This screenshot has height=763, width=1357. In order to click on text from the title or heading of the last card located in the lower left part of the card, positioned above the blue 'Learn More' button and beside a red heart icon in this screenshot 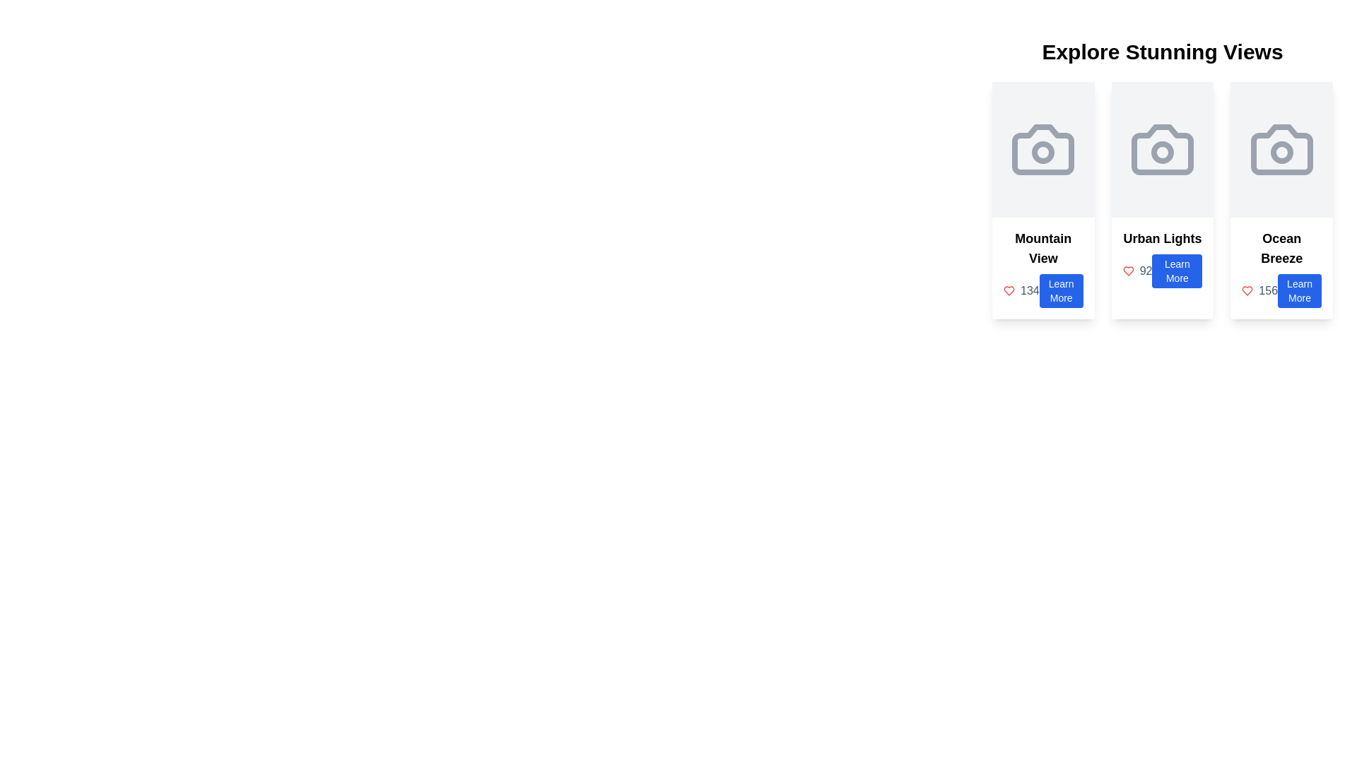, I will do `click(1281, 247)`.